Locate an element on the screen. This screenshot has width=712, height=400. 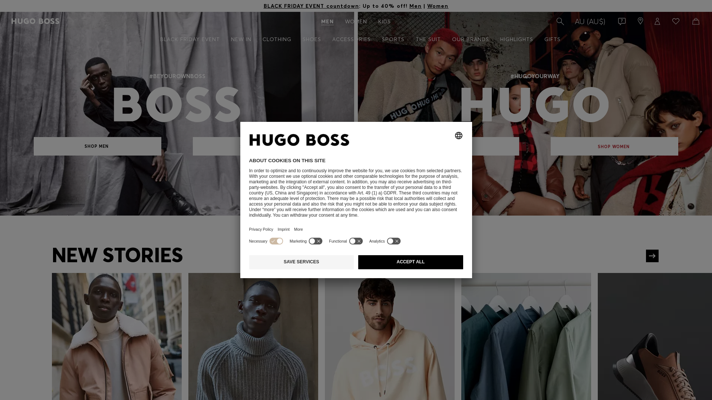
'HIGHLIGHTS' is located at coordinates (516, 39).